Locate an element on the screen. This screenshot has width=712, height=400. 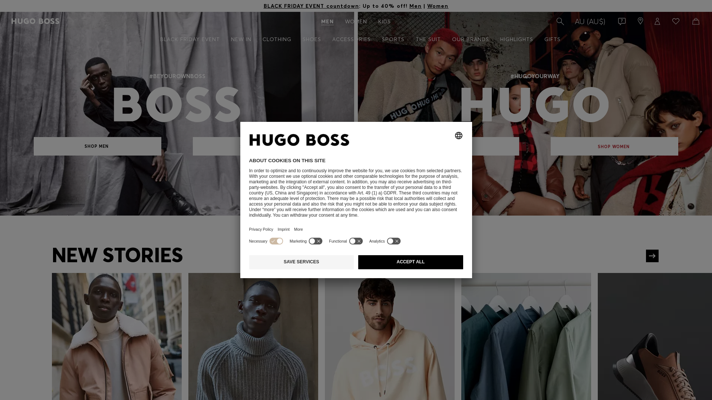
'HIGHLIGHTS' is located at coordinates (516, 39).